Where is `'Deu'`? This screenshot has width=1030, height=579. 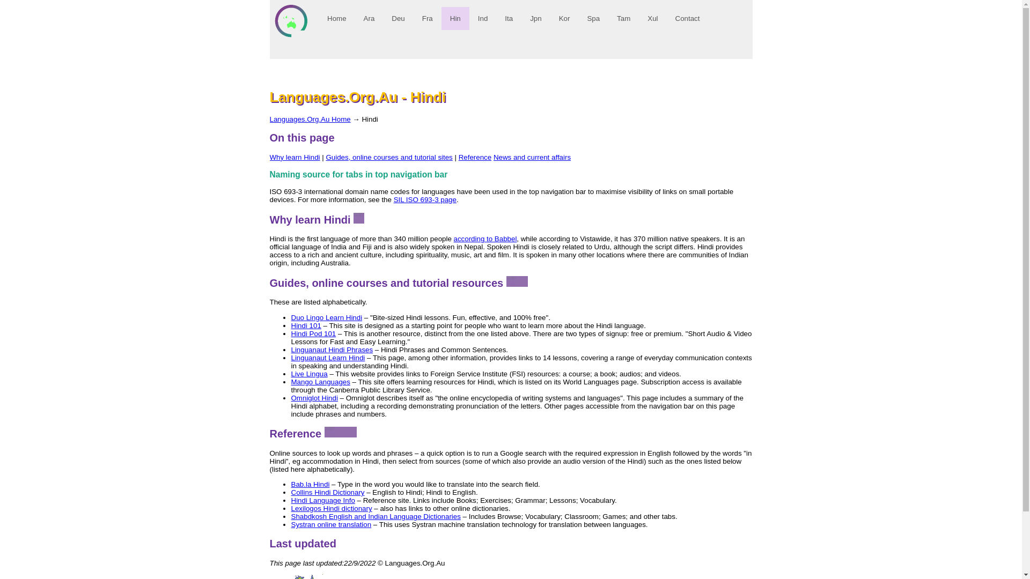
'Deu' is located at coordinates (398, 18).